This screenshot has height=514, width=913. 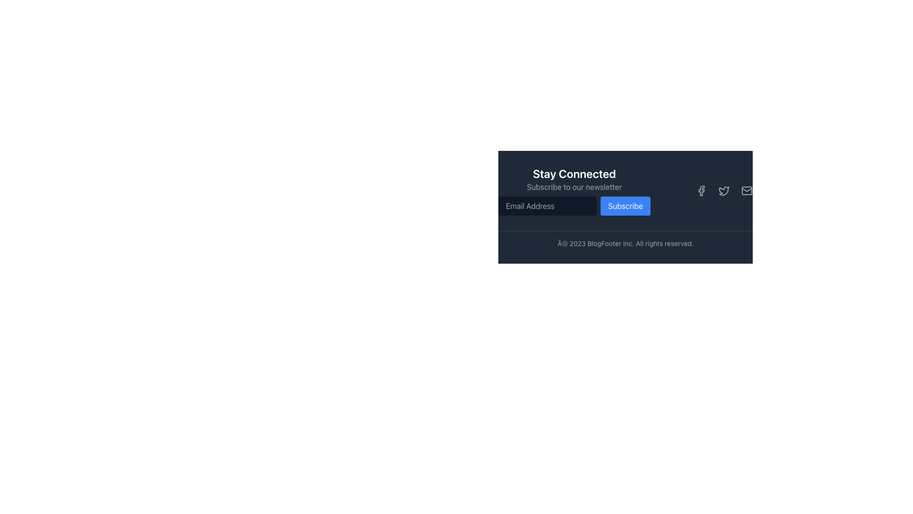 What do you see at coordinates (701, 191) in the screenshot?
I see `the Facebook hyperlink with an SVG icon located in the footer` at bounding box center [701, 191].